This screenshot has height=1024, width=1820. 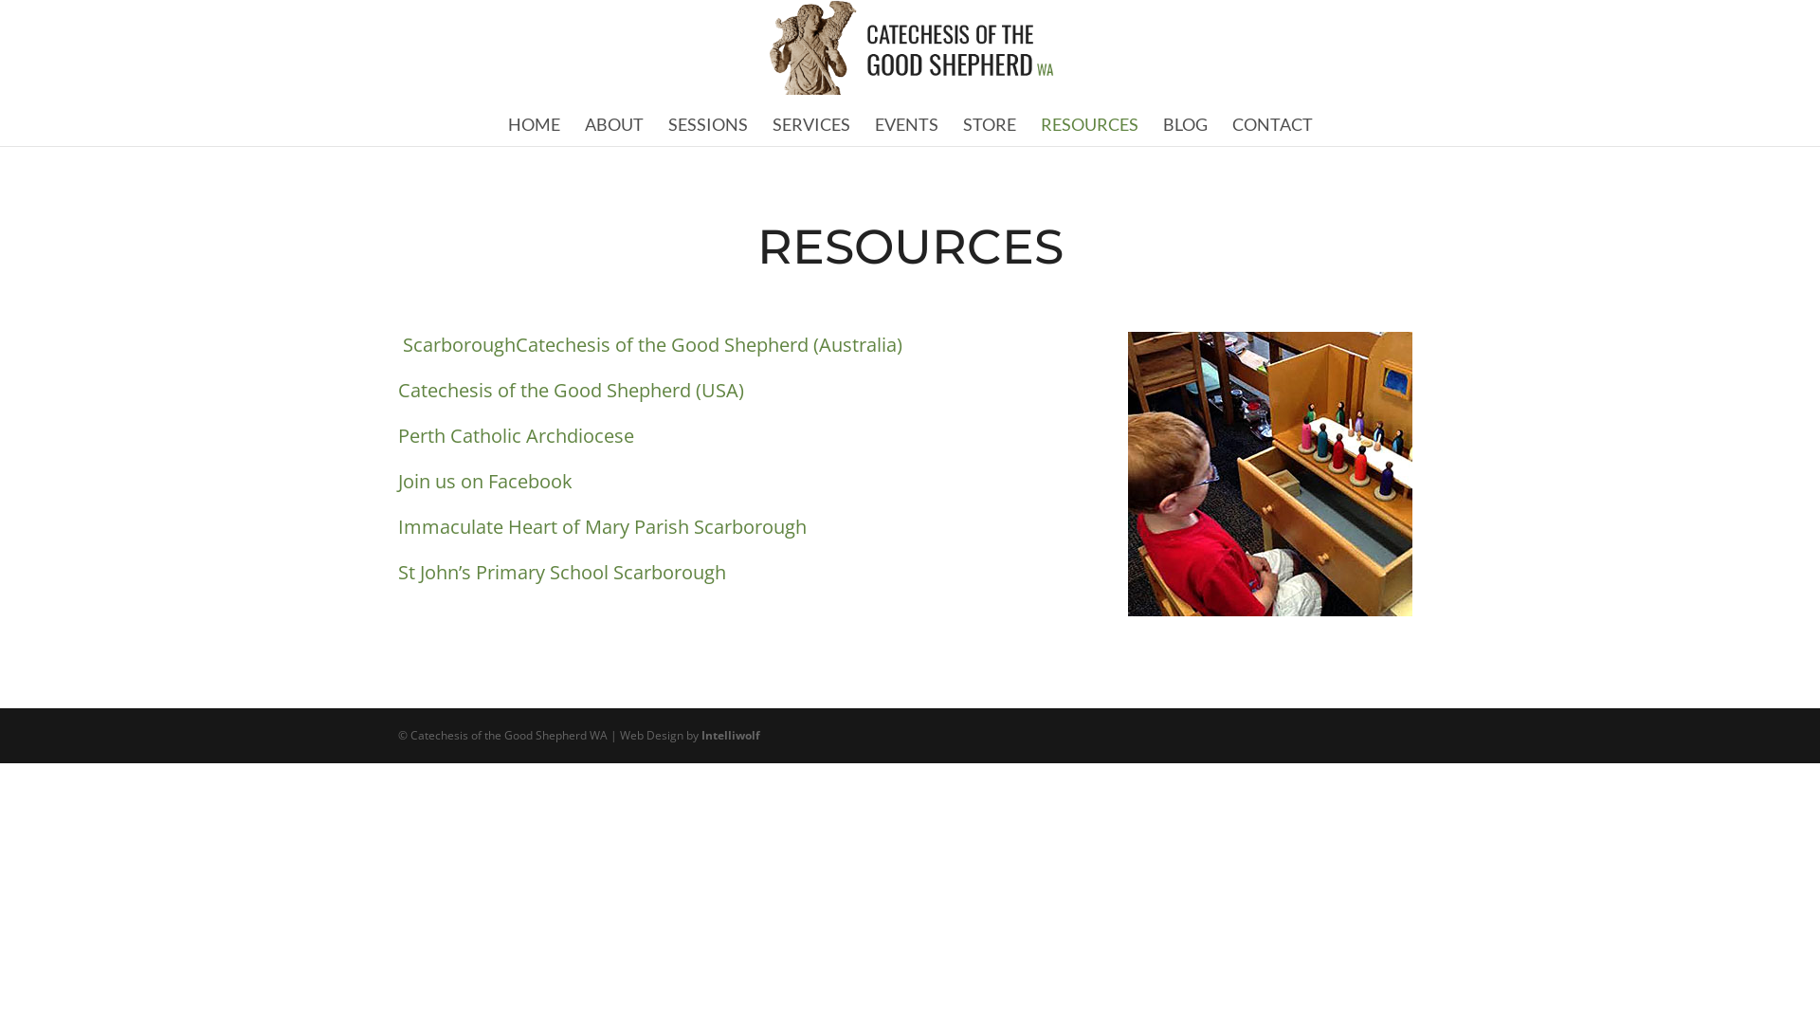 I want to click on 'STORE', so click(x=988, y=124).